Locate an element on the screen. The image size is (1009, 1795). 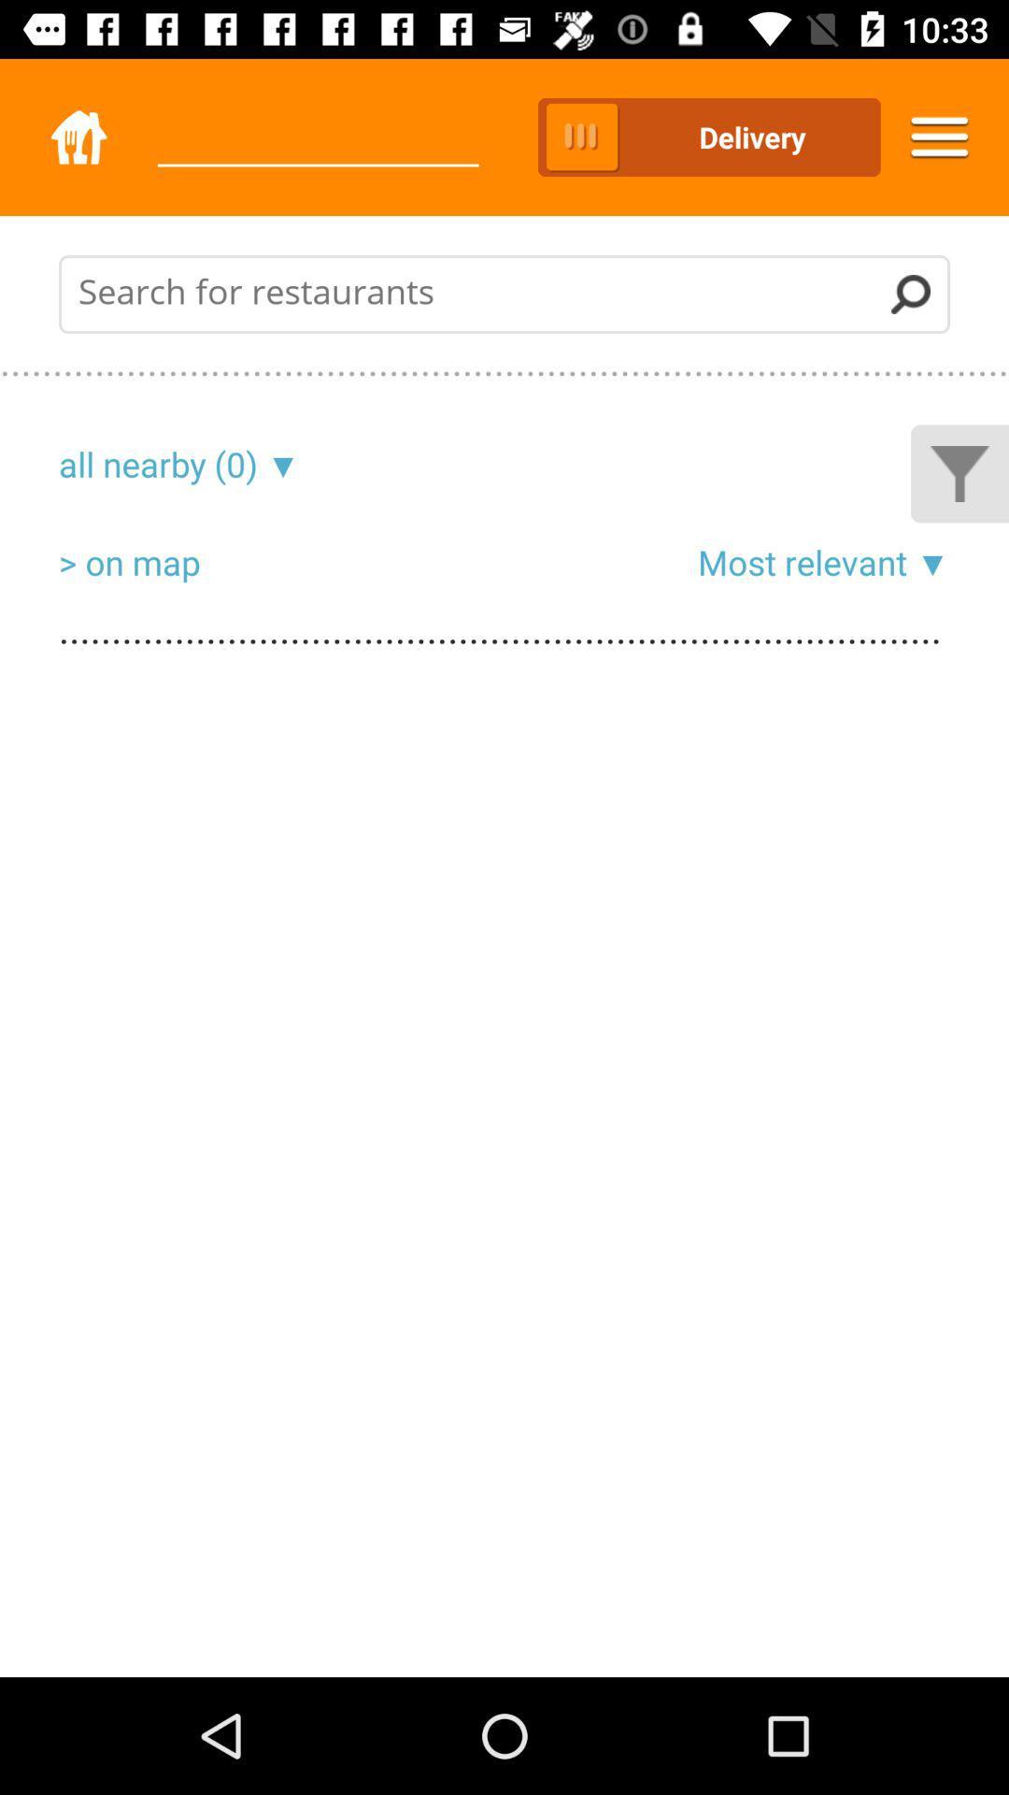
the icon above the .................................................................................................................................................................................................................................................................................................................................................................................................................................................................................................... is located at coordinates (929, 561).